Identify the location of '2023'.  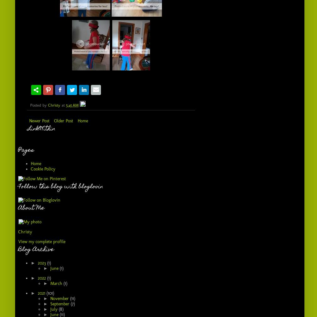
(42, 263).